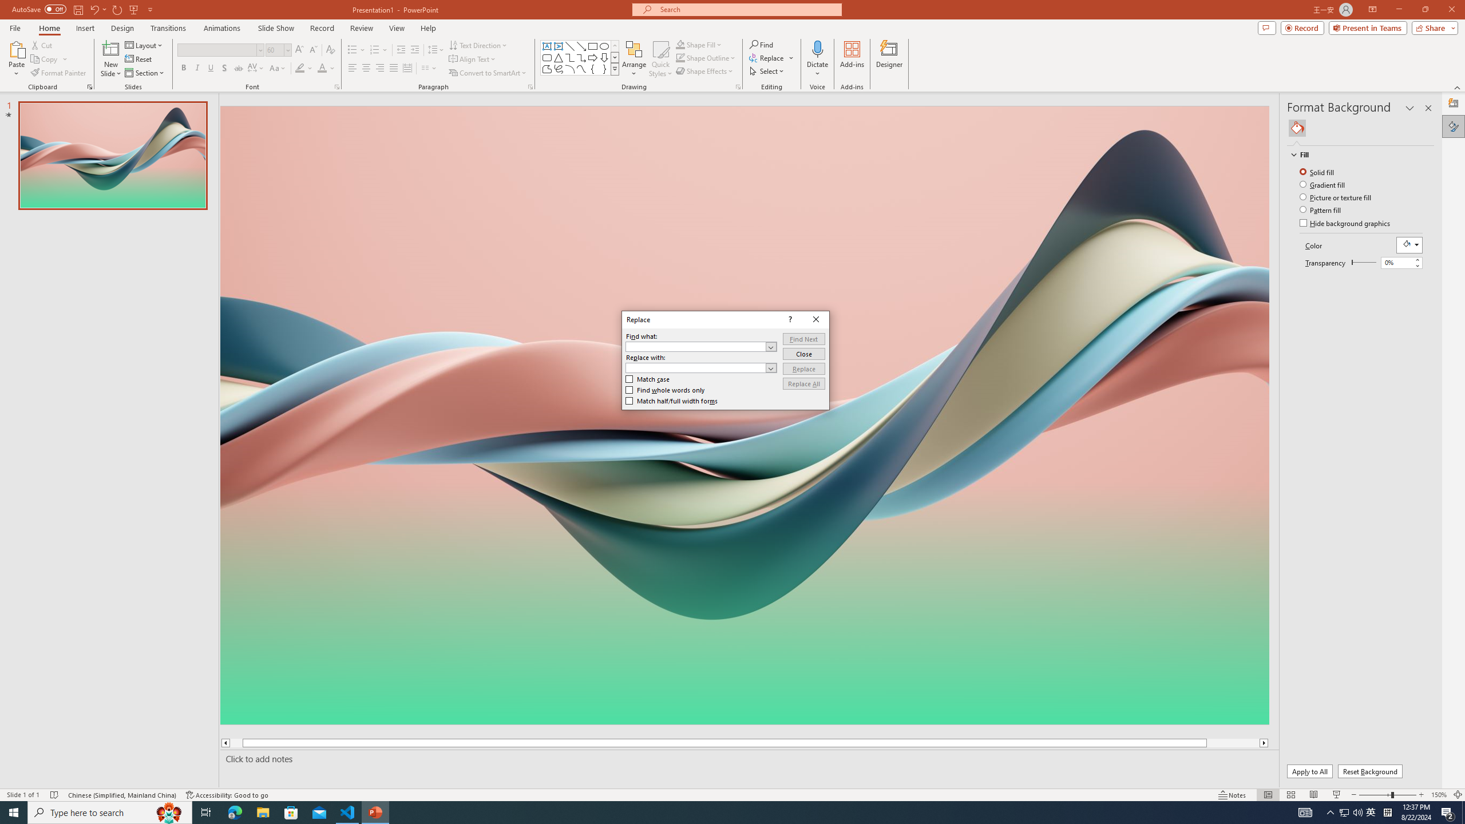 The image size is (1465, 824). Describe the element at coordinates (1309, 771) in the screenshot. I see `'Apply to All'` at that location.